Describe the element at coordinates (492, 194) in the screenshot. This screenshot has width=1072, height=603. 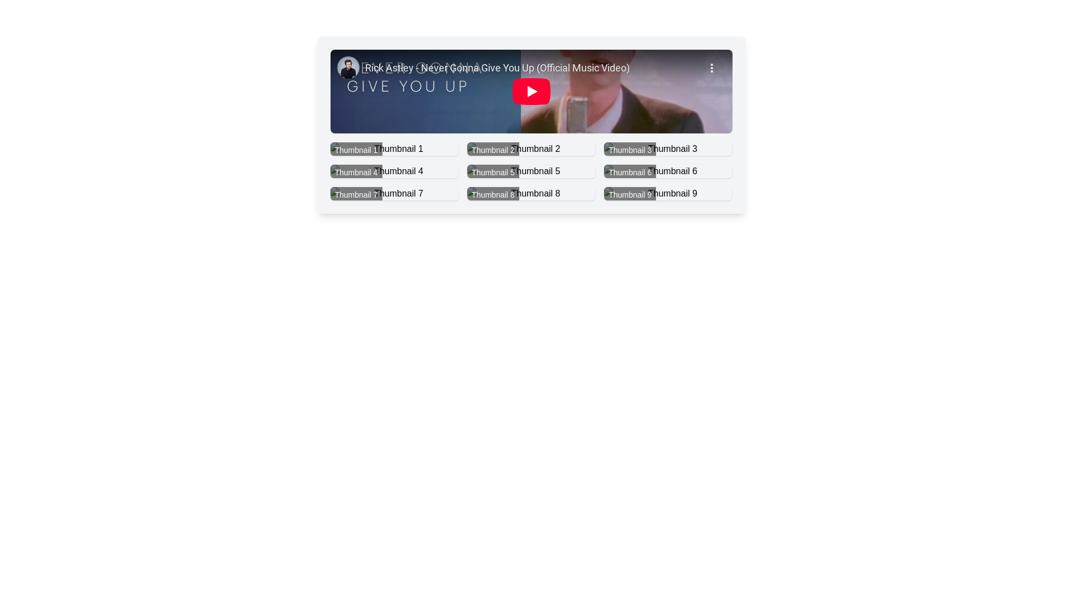
I see `the Overlay Label with black background and white text reading 'Thumbnail 8', located at the top-left corner of the thumbnail card in the second row and middle column of the grid layout` at that location.